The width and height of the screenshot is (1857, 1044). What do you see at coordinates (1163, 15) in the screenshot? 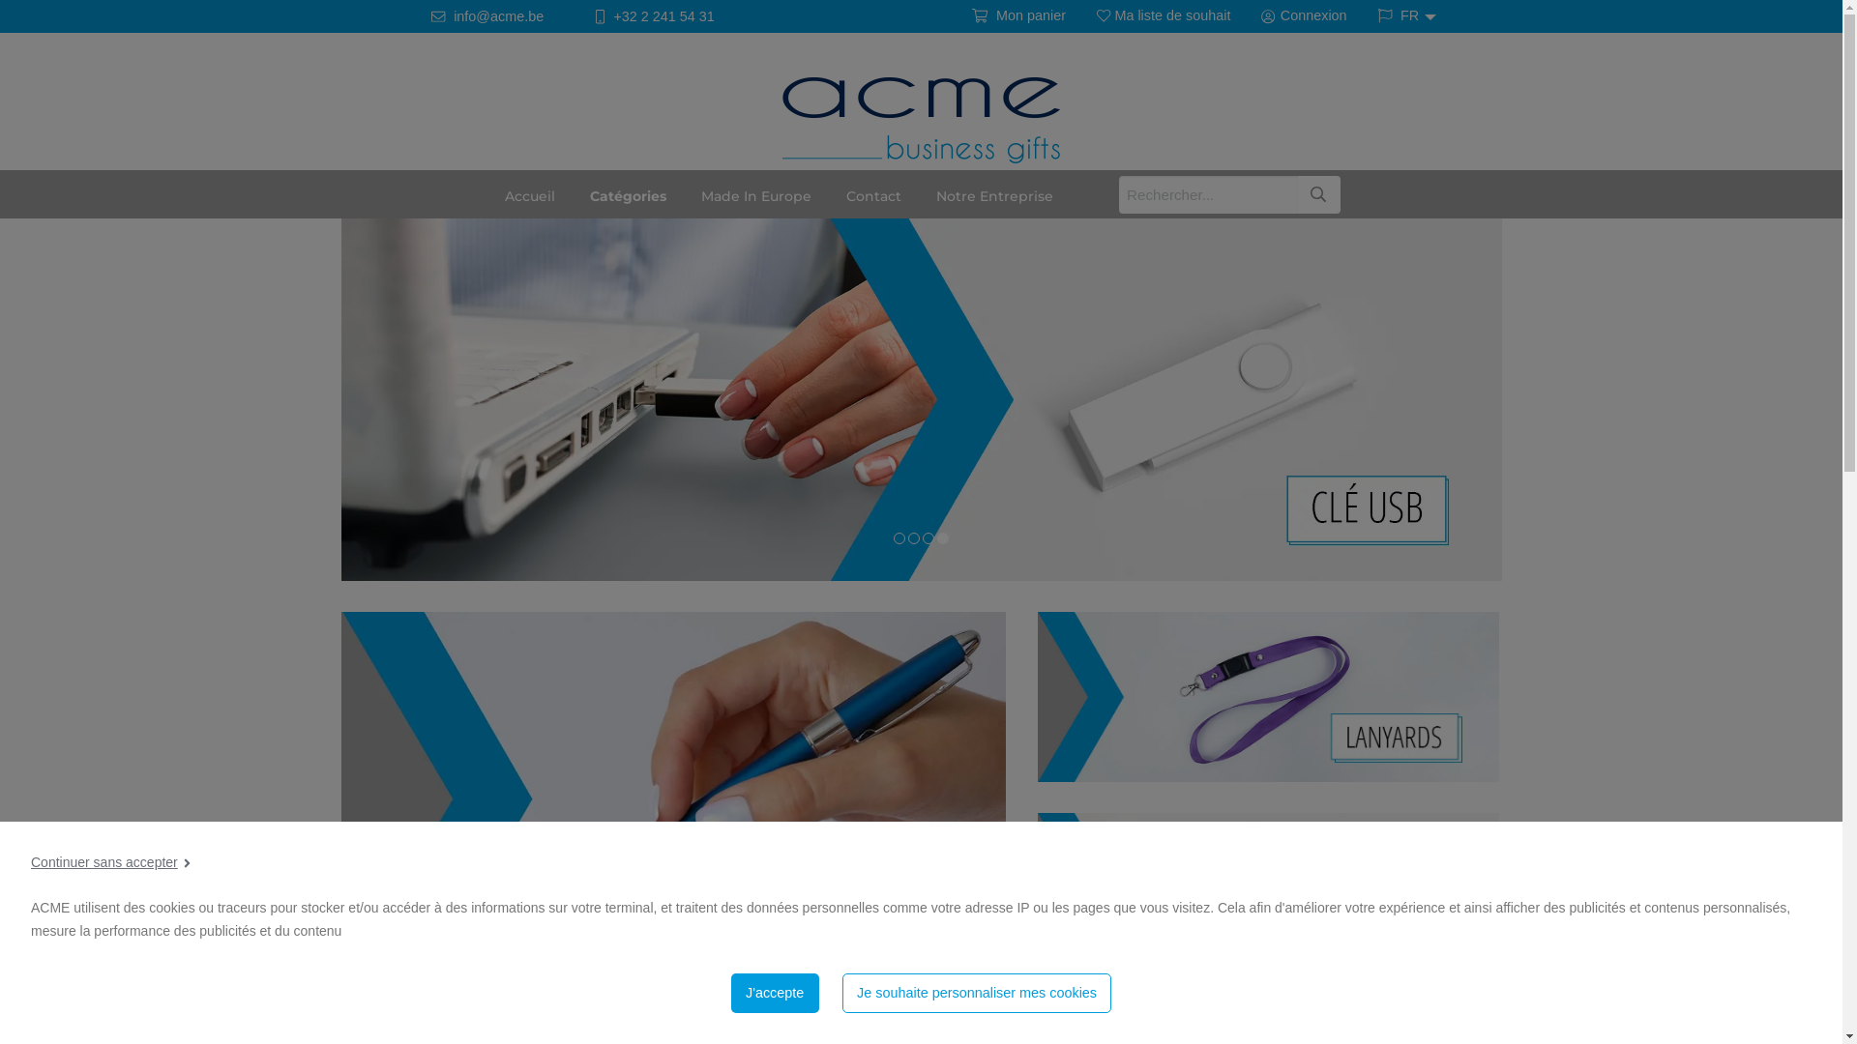
I see `'Ma liste de souhait'` at bounding box center [1163, 15].